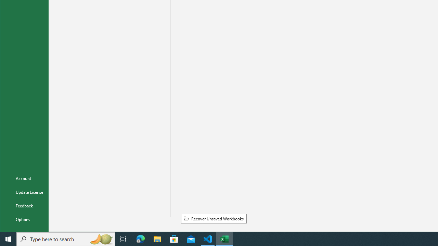  Describe the element at coordinates (123, 238) in the screenshot. I see `'Task View'` at that location.